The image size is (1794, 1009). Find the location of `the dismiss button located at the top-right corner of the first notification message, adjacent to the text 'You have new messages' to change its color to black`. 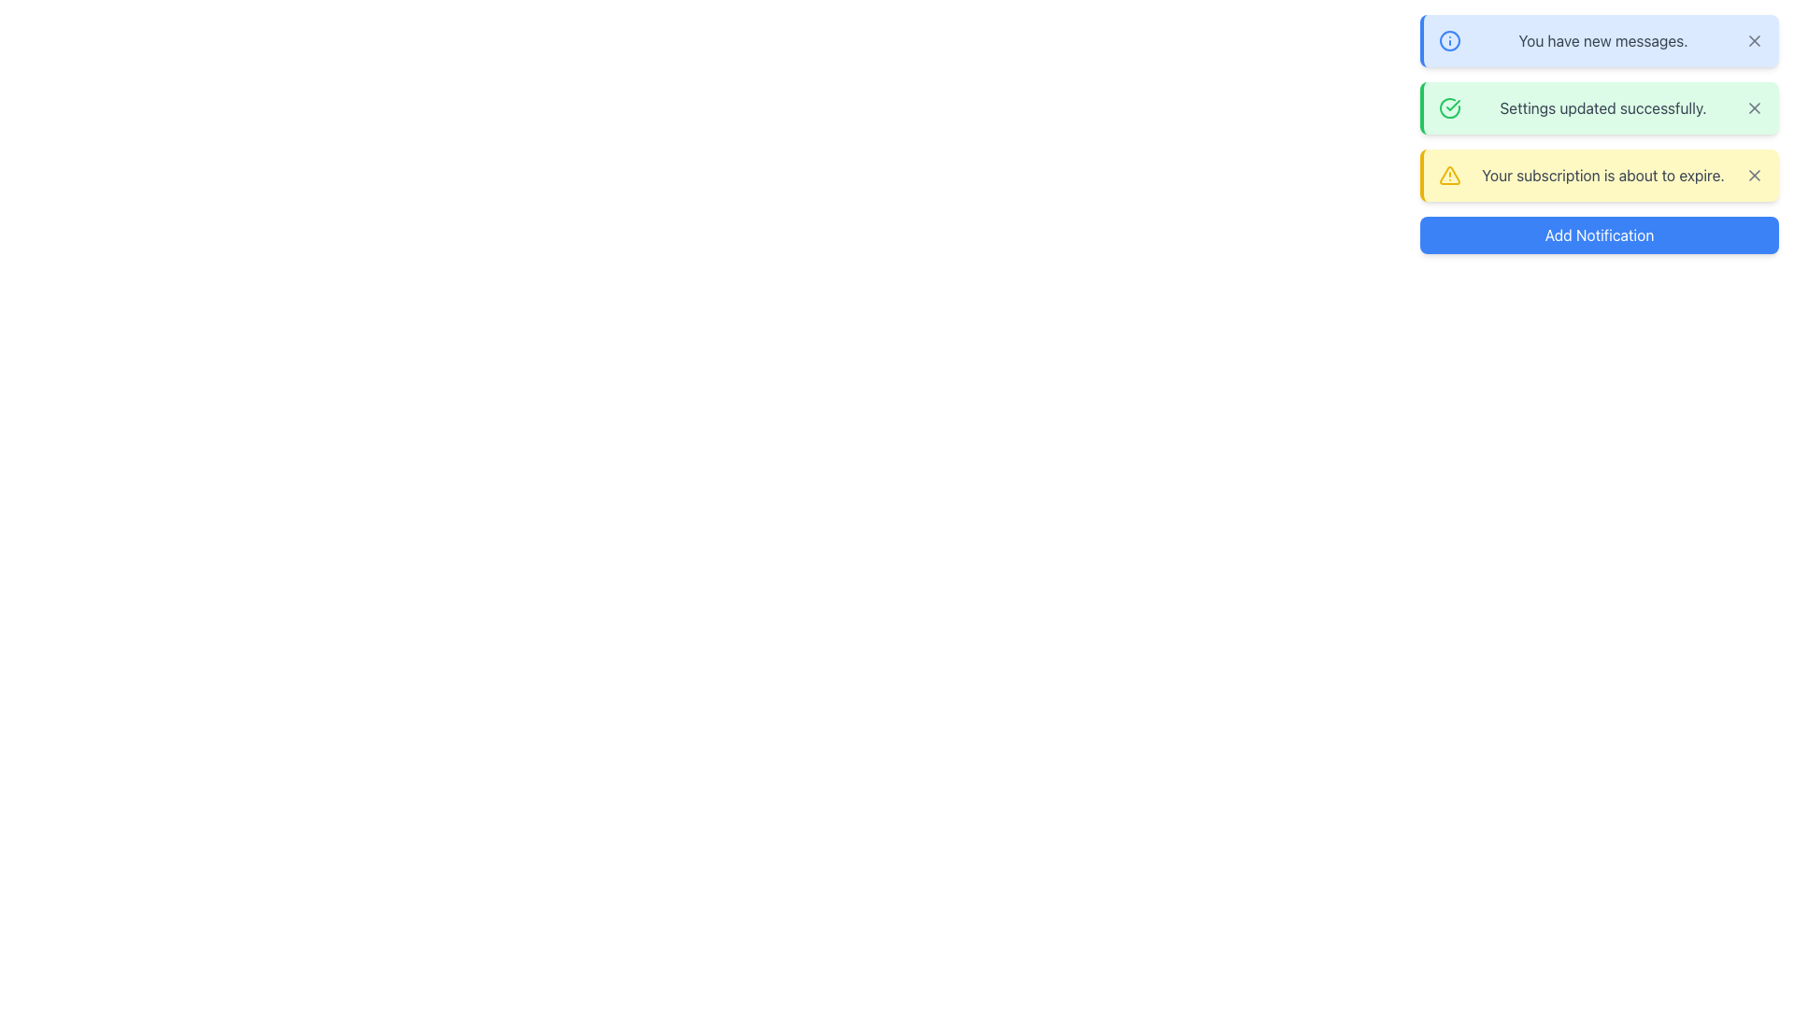

the dismiss button located at the top-right corner of the first notification message, adjacent to the text 'You have new messages' to change its color to black is located at coordinates (1753, 40).